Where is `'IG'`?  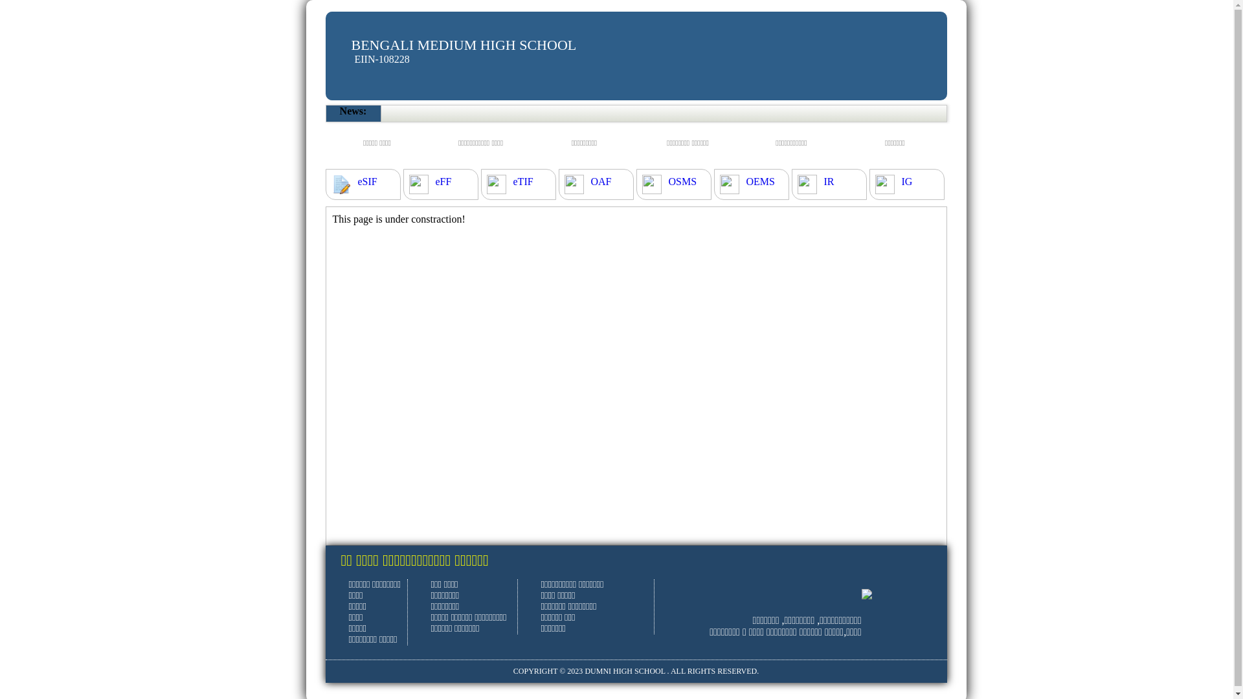
'IG' is located at coordinates (906, 182).